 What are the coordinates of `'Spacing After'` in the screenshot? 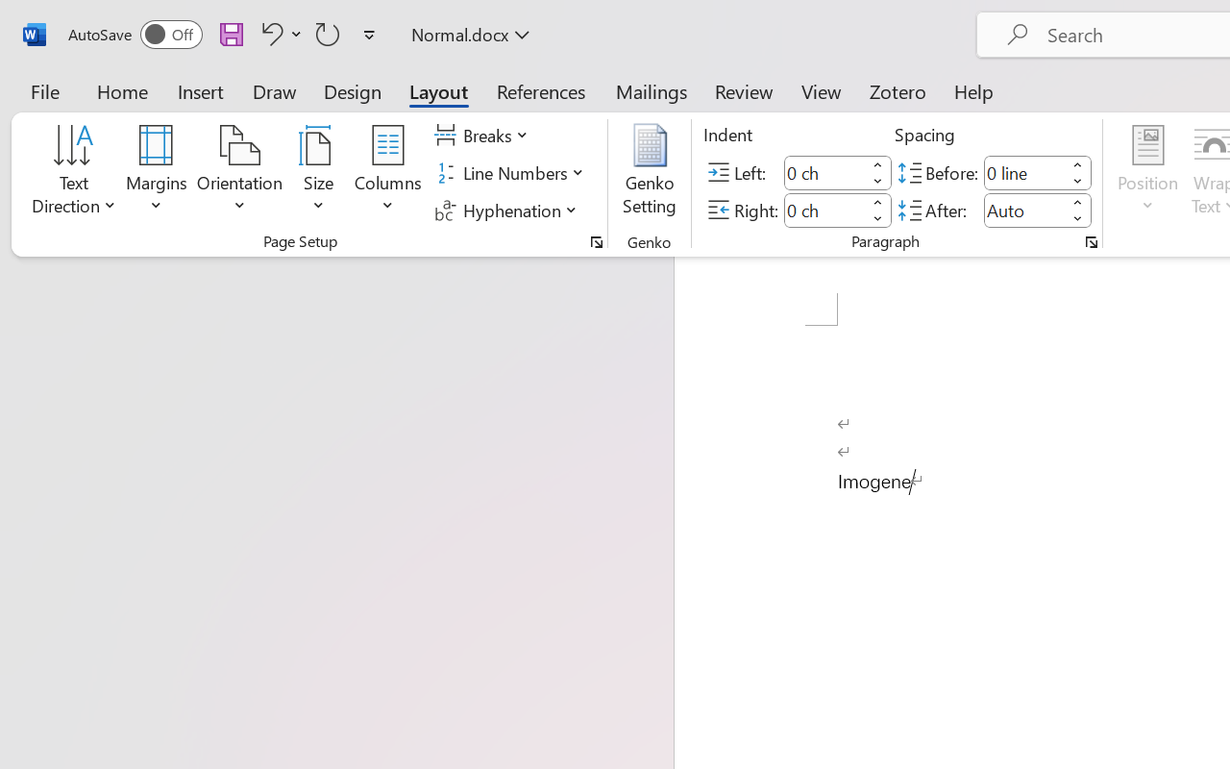 It's located at (1023, 210).